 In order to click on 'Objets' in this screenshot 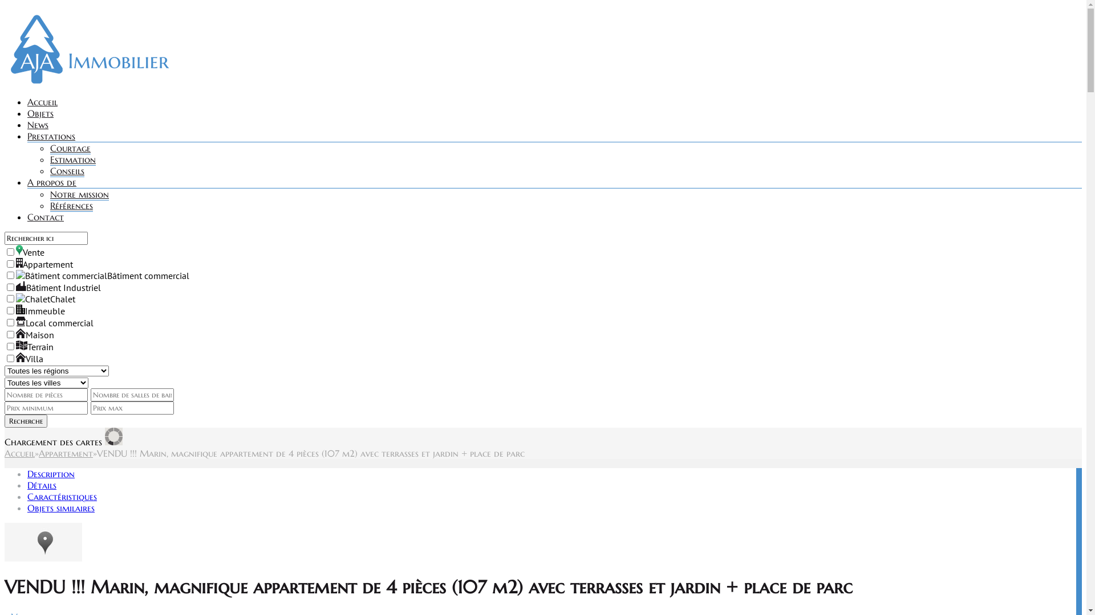, I will do `click(40, 113)`.